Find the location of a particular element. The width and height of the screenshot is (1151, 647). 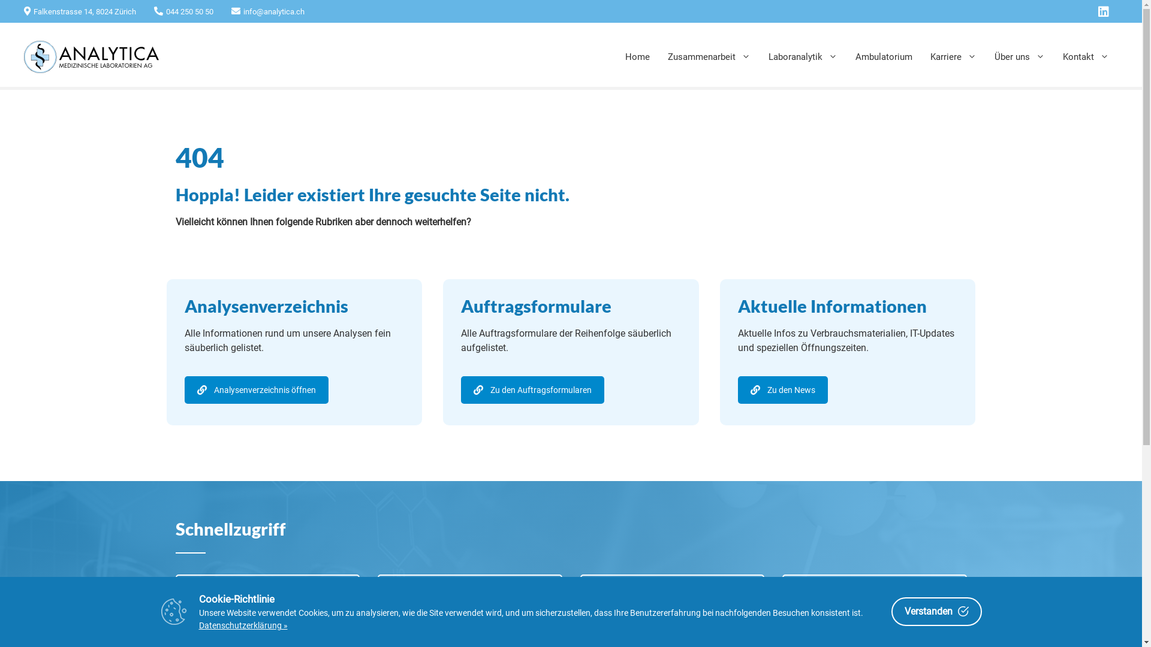

'info@analytica.ch' is located at coordinates (267, 11).